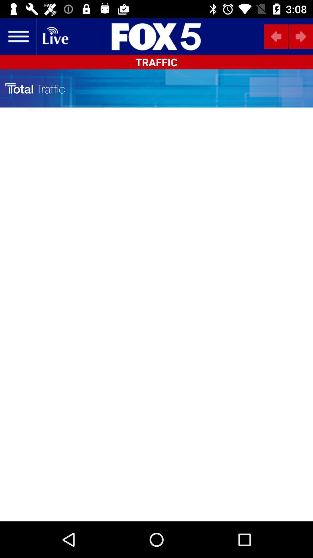  What do you see at coordinates (300, 36) in the screenshot?
I see `the arrow_forward icon` at bounding box center [300, 36].